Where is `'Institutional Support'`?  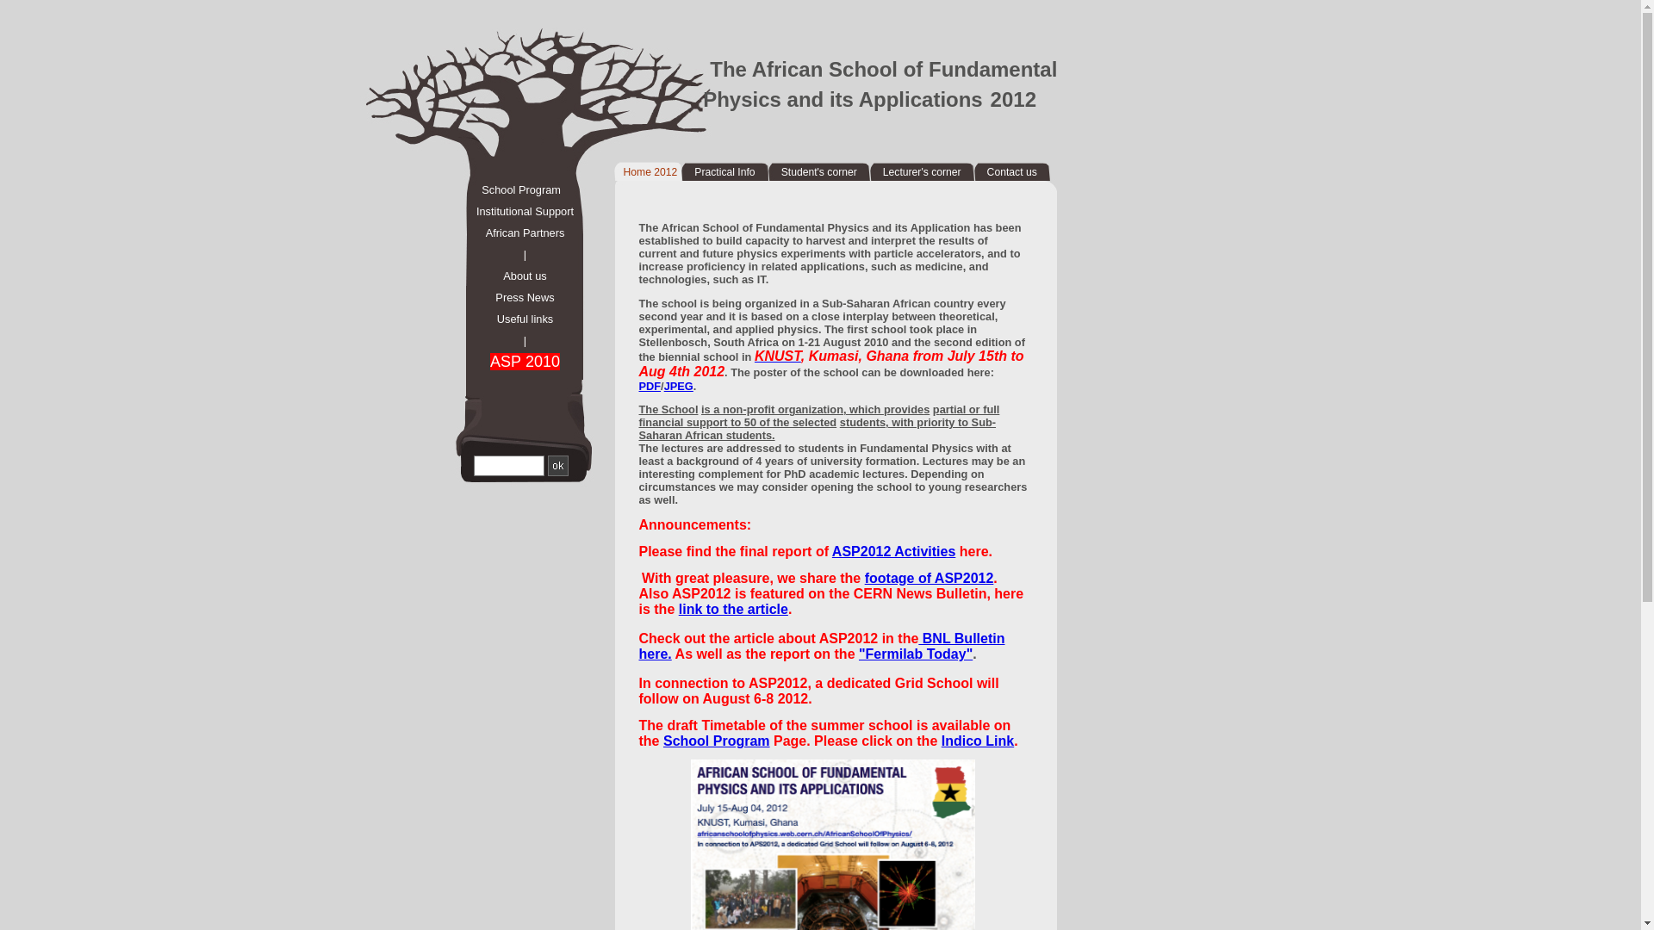 'Institutional Support' is located at coordinates (515, 210).